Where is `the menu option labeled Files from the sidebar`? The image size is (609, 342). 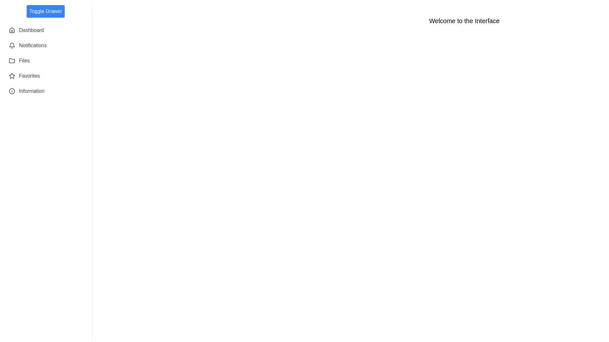 the menu option labeled Files from the sidebar is located at coordinates (45, 61).